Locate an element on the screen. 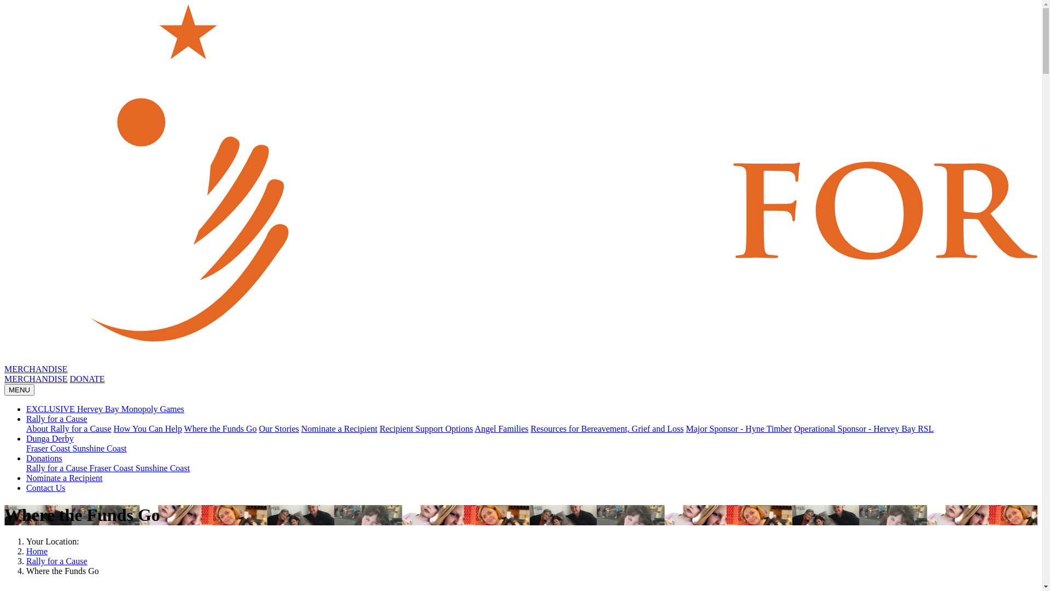 Image resolution: width=1050 pixels, height=591 pixels. 'MERCHANDISE' is located at coordinates (36, 378).